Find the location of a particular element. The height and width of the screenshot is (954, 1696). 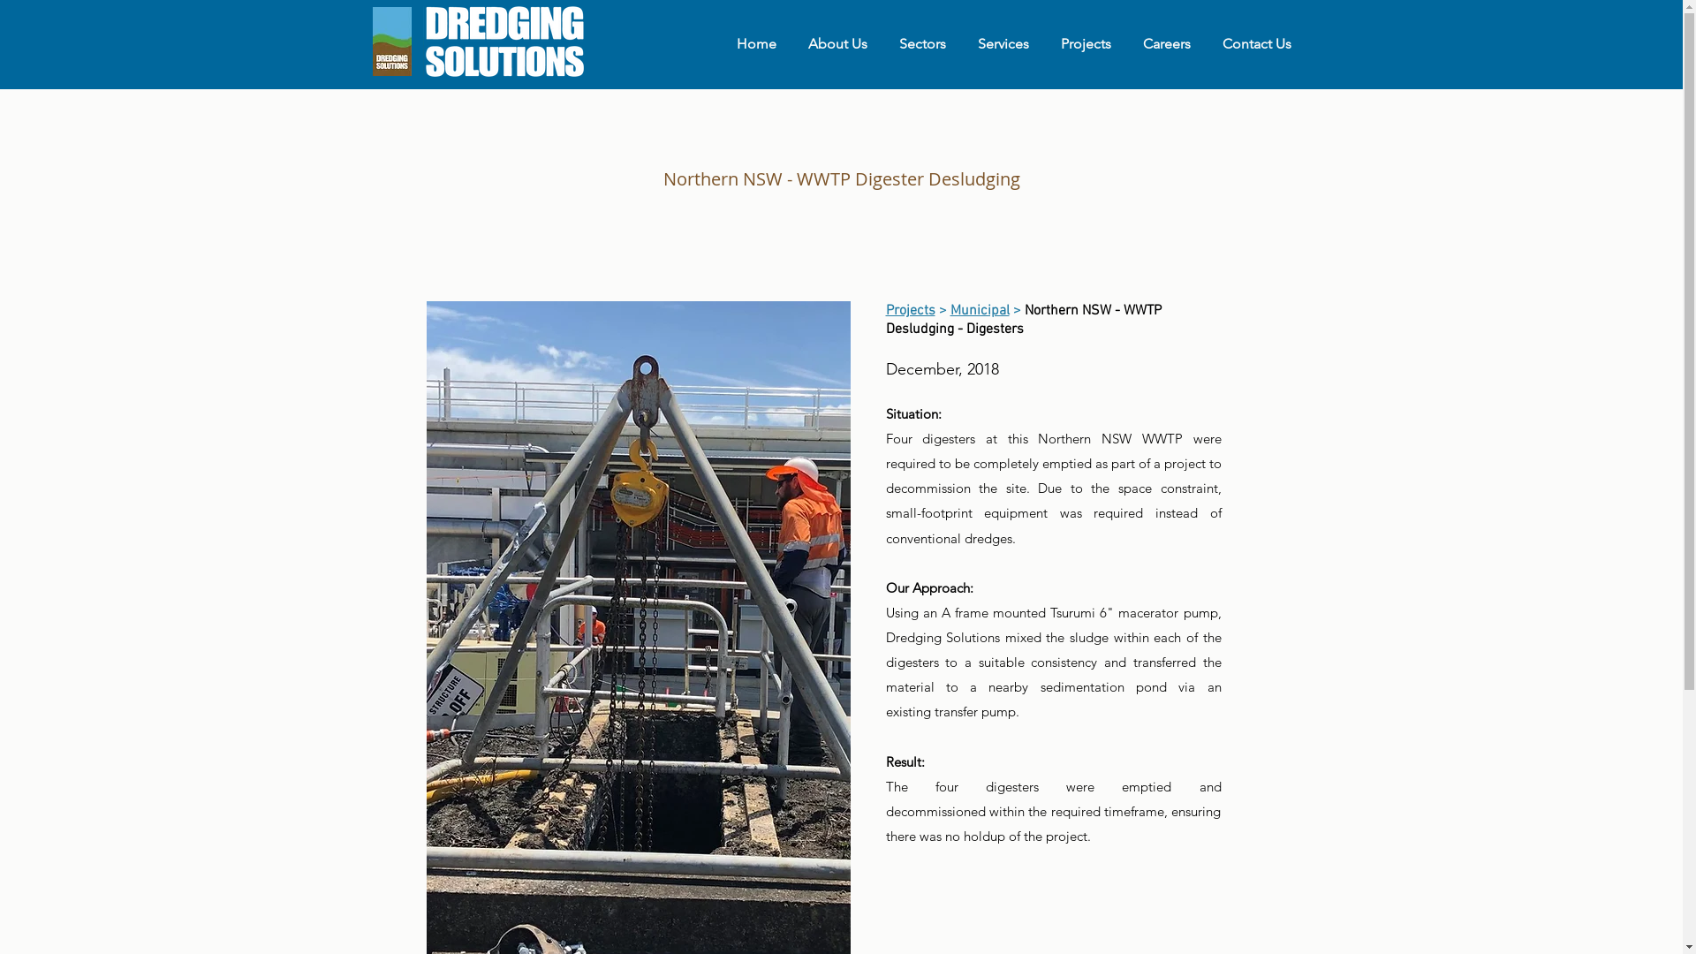

'Contact Us' is located at coordinates (1212, 43).